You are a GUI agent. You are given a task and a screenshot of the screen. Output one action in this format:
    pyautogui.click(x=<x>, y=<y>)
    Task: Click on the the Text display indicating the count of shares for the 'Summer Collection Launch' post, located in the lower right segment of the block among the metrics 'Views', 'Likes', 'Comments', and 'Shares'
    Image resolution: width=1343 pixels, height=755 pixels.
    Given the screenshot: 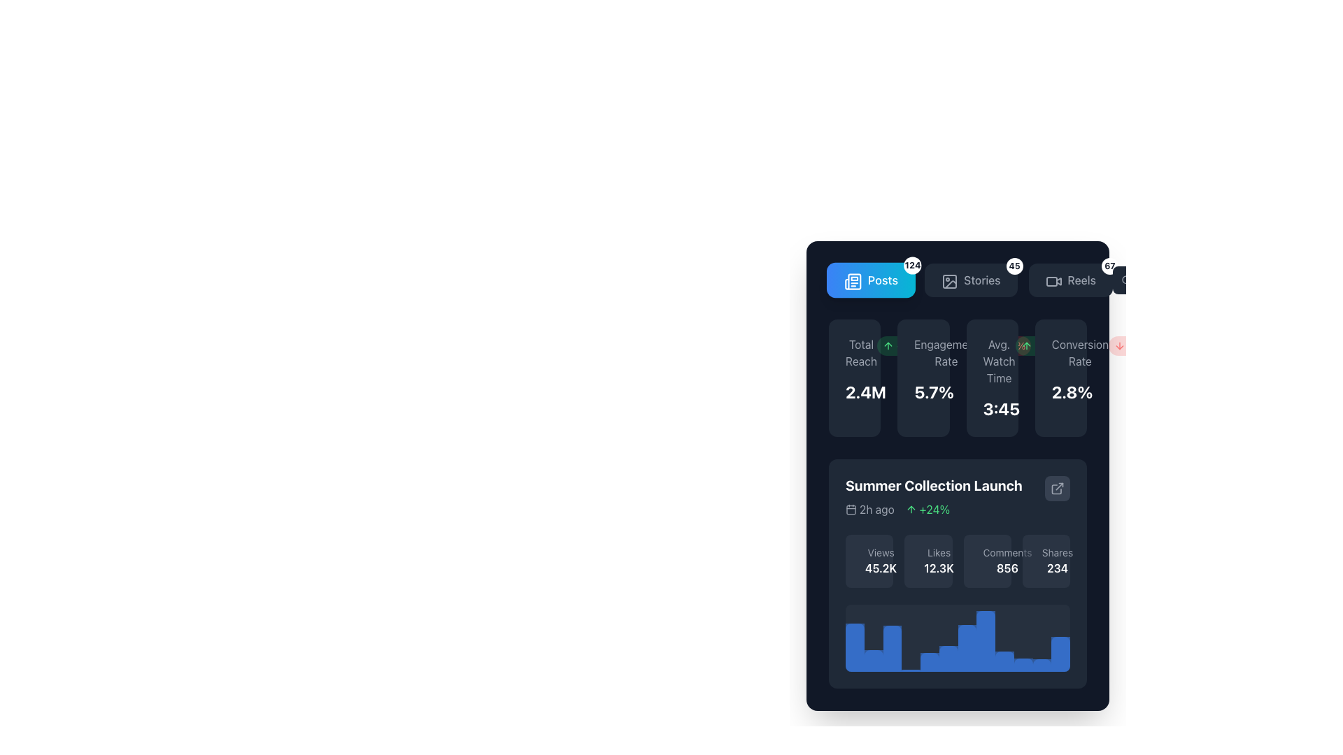 What is the action you would take?
    pyautogui.click(x=1058, y=560)
    